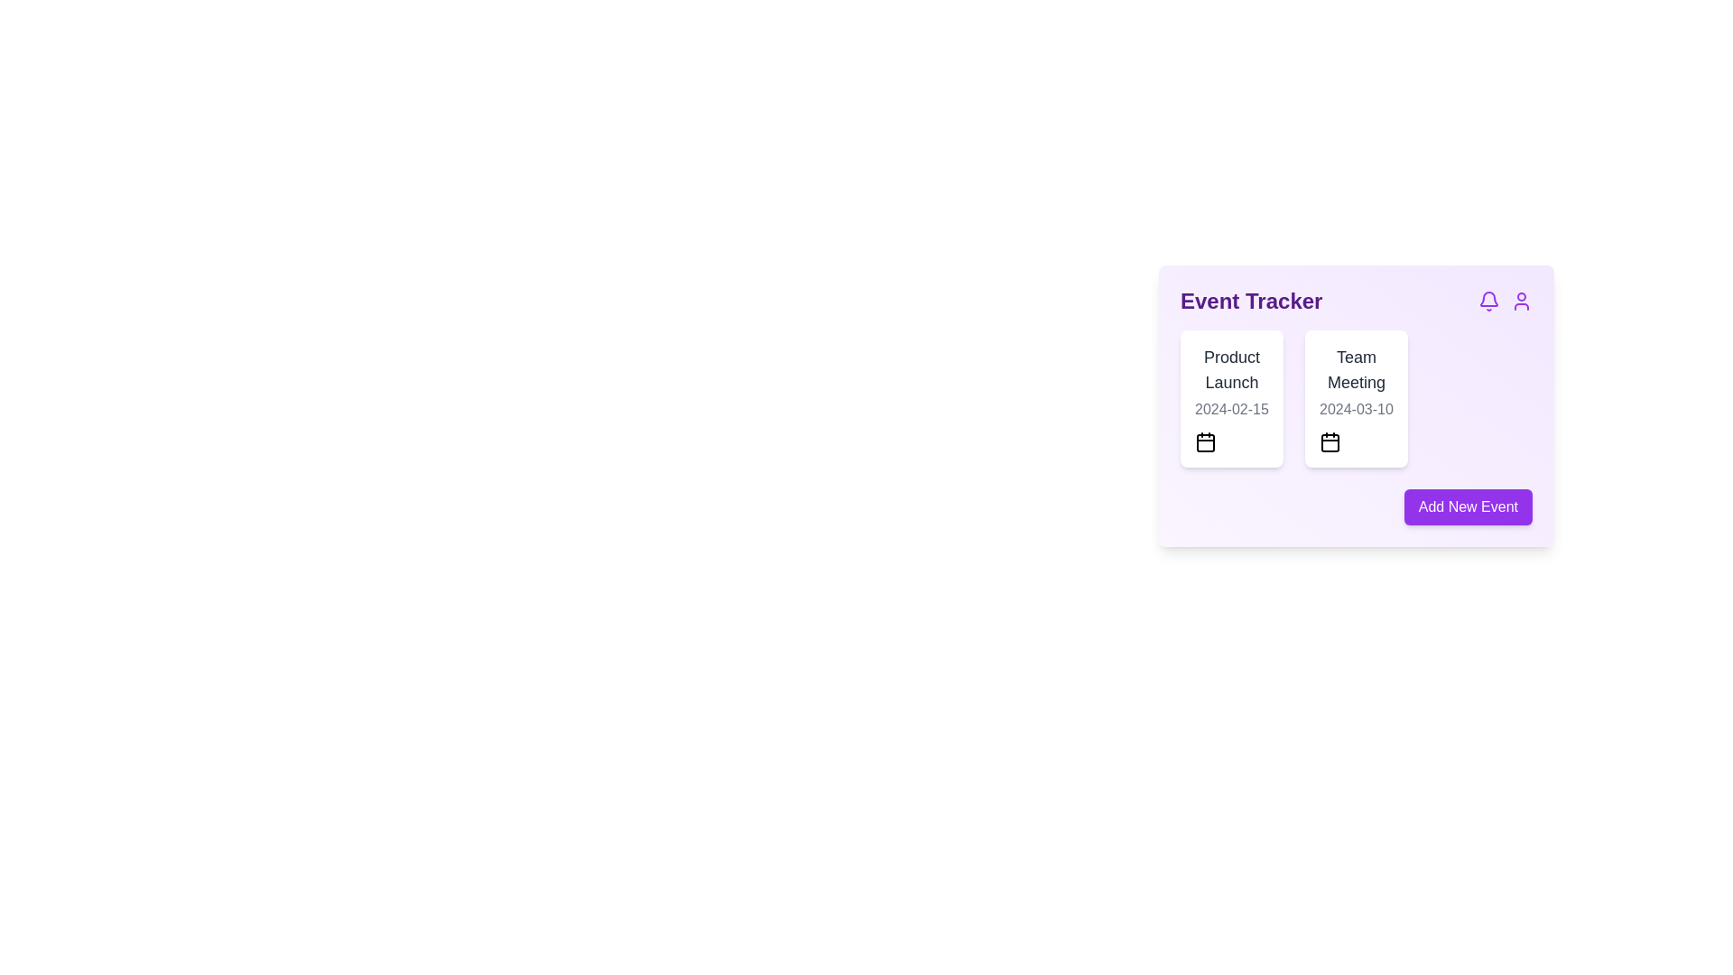 The width and height of the screenshot is (1733, 975). Describe the element at coordinates (1205, 441) in the screenshot. I see `the calendar icon located in the bottom-left section of the 'Product Launch' card, which is positioned immediately below the date text '2024-02-15'` at that location.